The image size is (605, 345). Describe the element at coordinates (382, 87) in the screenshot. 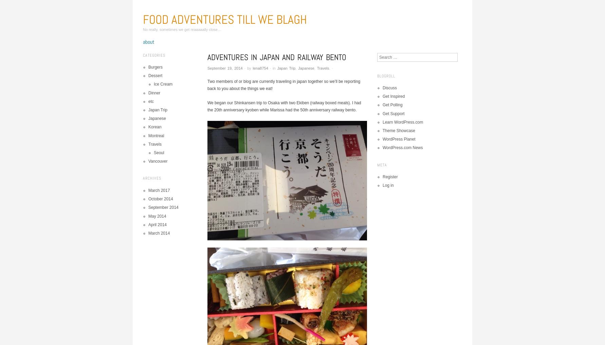

I see `'Discuss'` at that location.